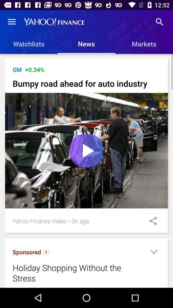  Describe the element at coordinates (153, 253) in the screenshot. I see `the item to the right of holiday shopping without icon` at that location.